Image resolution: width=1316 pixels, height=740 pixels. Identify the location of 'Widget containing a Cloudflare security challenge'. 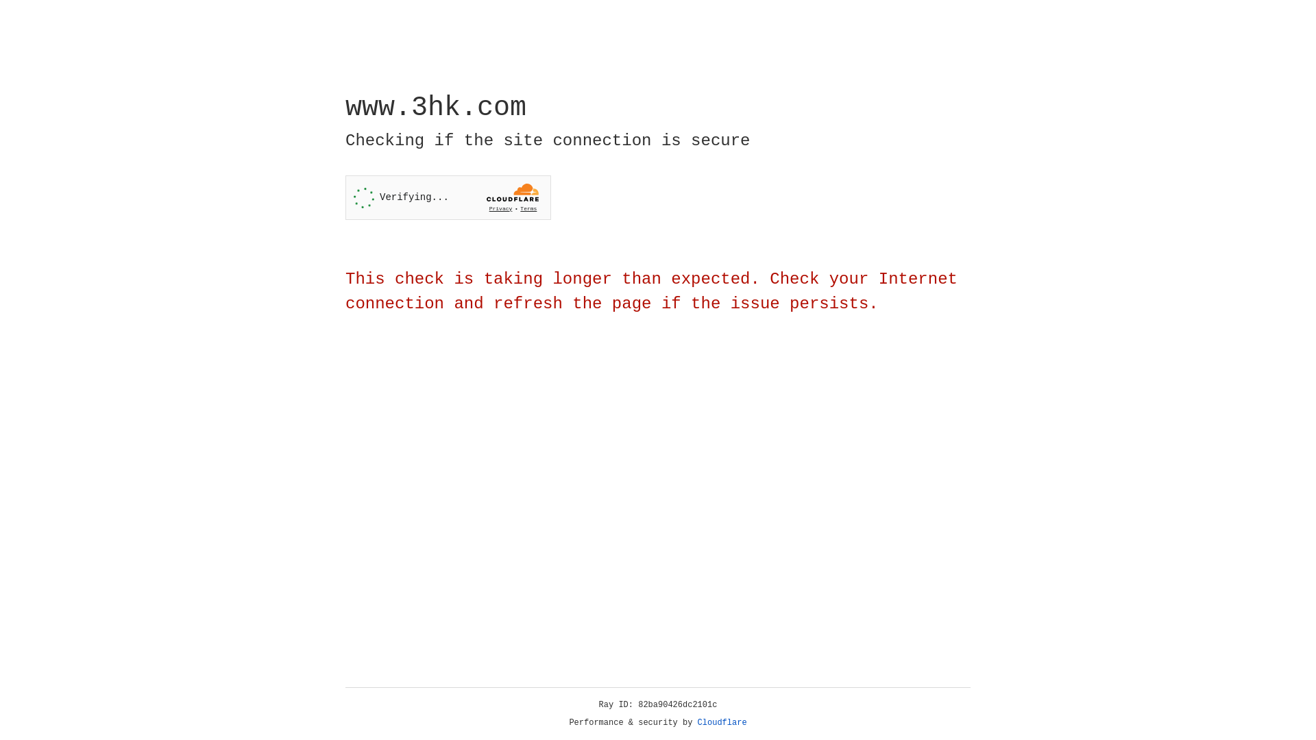
(448, 197).